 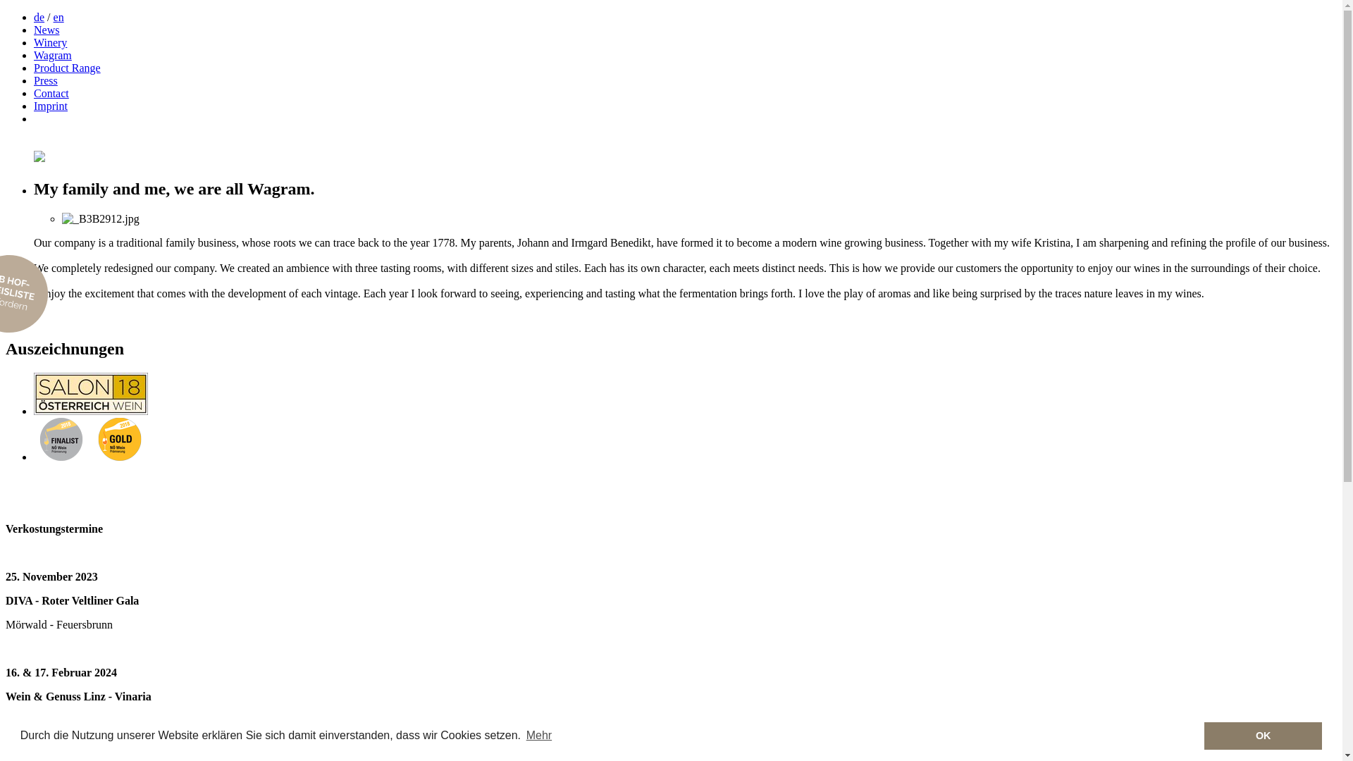 I want to click on 'OK', so click(x=1203, y=735).